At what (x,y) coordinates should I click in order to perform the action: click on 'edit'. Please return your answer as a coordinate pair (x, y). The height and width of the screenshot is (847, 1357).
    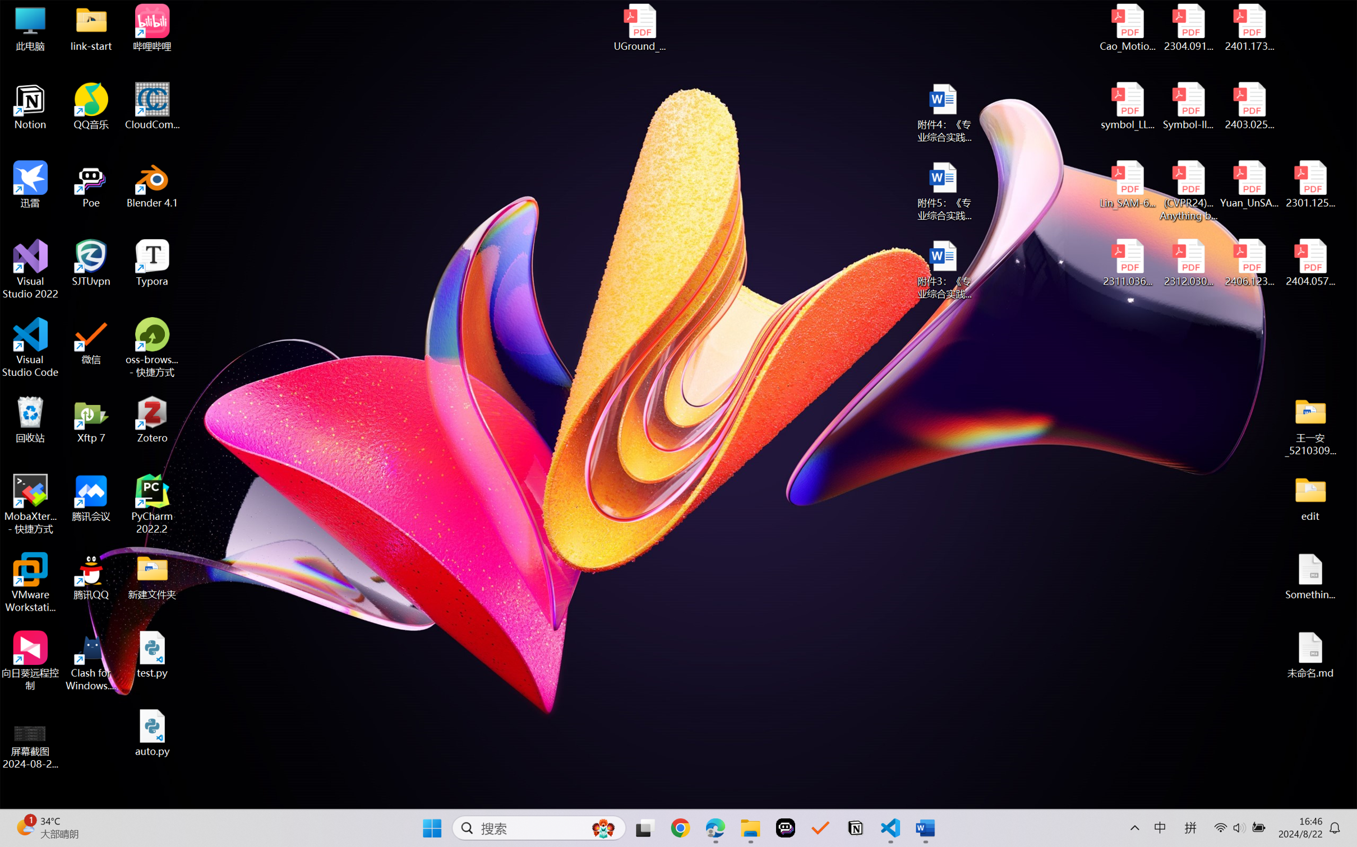
    Looking at the image, I should click on (1309, 497).